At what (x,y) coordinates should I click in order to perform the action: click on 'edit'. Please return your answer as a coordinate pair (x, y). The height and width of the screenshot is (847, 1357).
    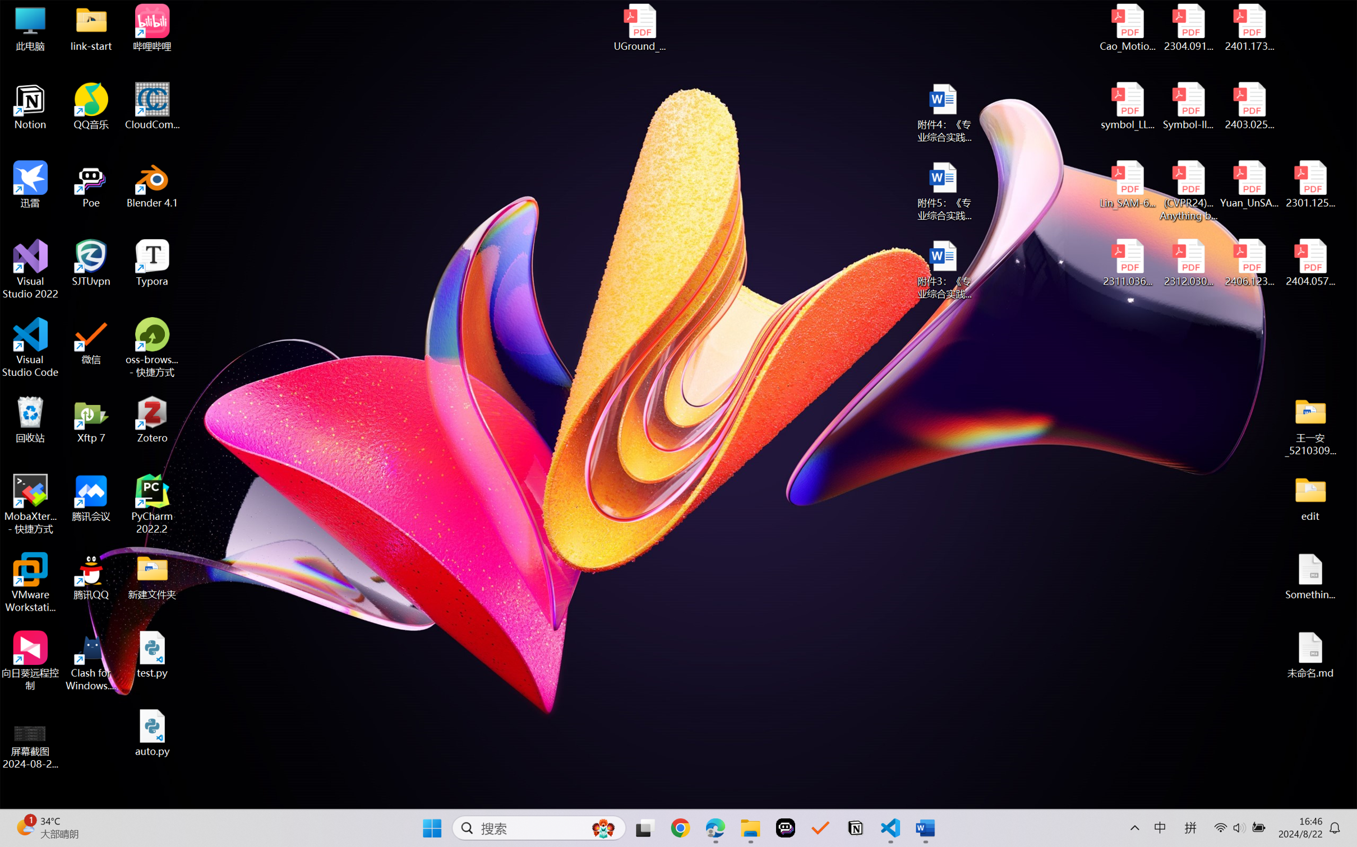
    Looking at the image, I should click on (1309, 497).